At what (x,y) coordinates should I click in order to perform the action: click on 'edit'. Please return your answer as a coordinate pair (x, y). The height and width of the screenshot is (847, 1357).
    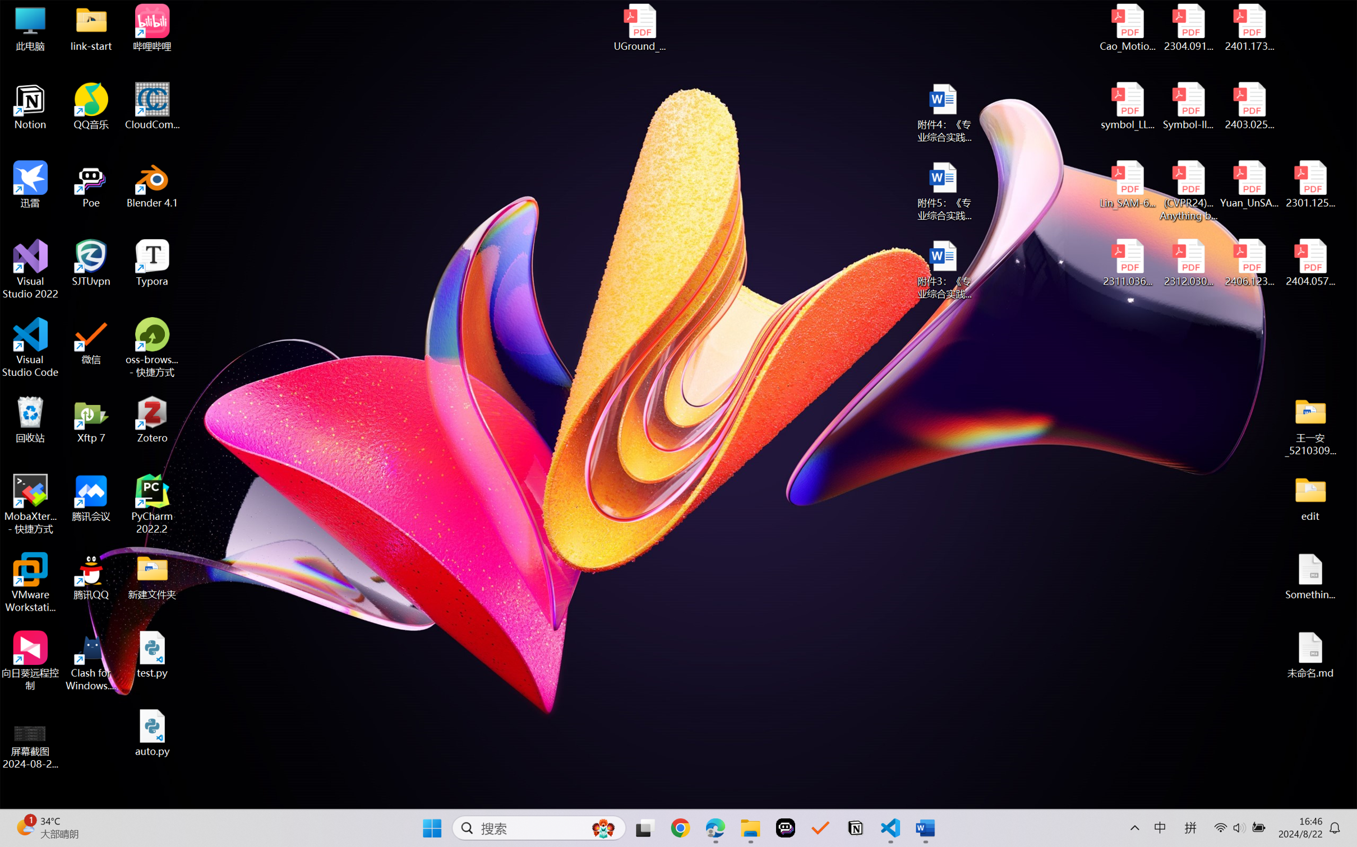
    Looking at the image, I should click on (1309, 497).